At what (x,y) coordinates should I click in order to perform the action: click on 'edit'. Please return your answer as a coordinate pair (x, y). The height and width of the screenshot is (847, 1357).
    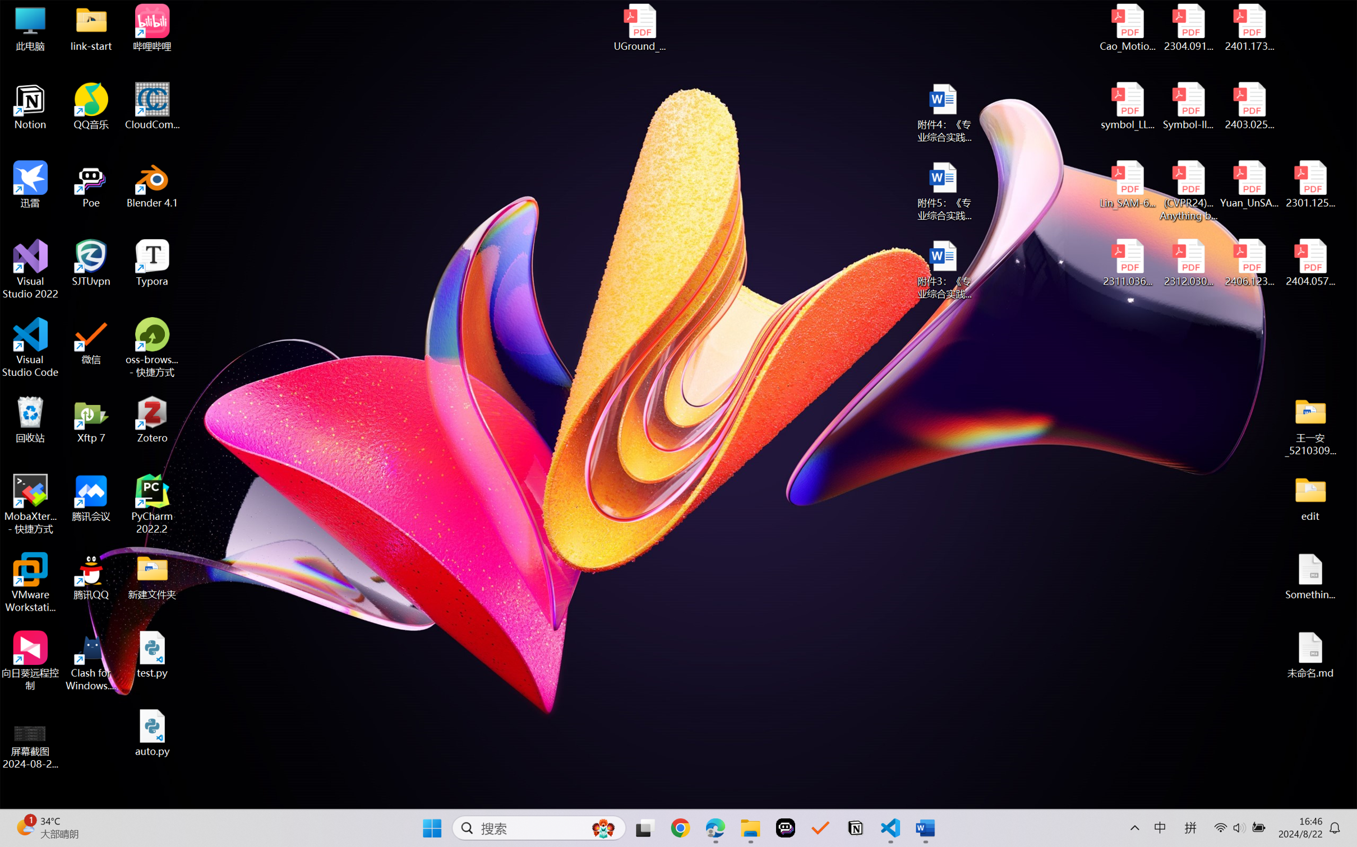
    Looking at the image, I should click on (1309, 497).